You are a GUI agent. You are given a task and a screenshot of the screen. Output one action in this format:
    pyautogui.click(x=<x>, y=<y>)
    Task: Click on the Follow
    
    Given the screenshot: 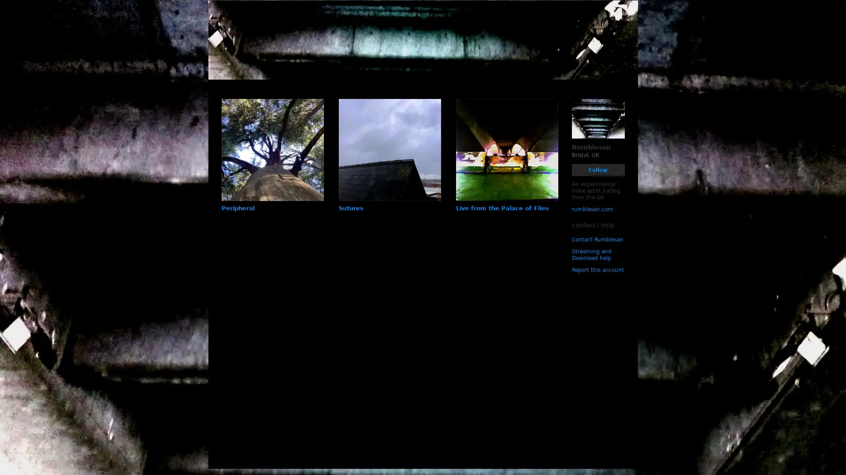 What is the action you would take?
    pyautogui.click(x=598, y=170)
    